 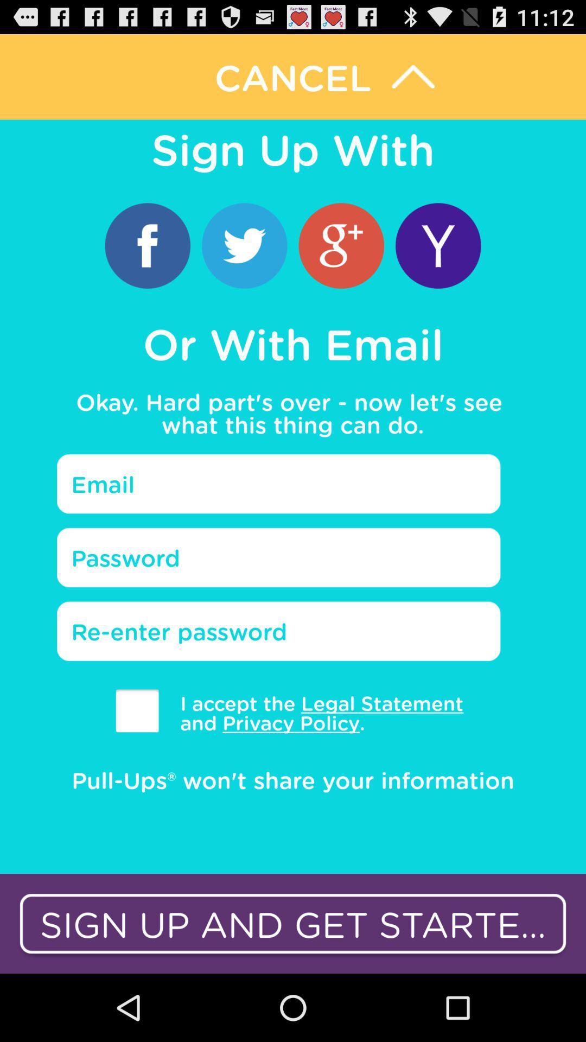 I want to click on password, so click(x=278, y=557).